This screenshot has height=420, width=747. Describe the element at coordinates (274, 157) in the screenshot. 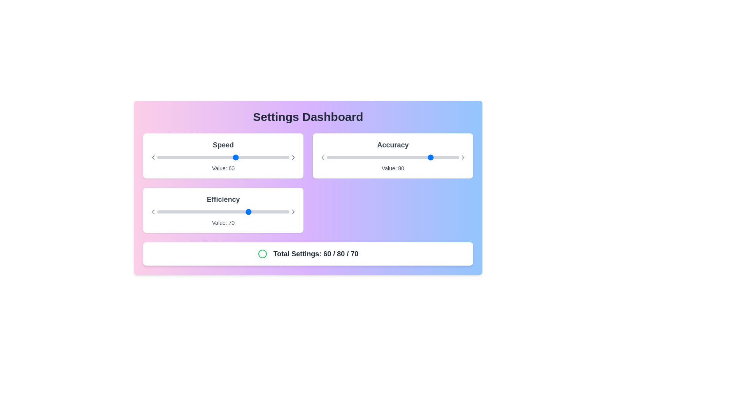

I see `the speed slider` at that location.